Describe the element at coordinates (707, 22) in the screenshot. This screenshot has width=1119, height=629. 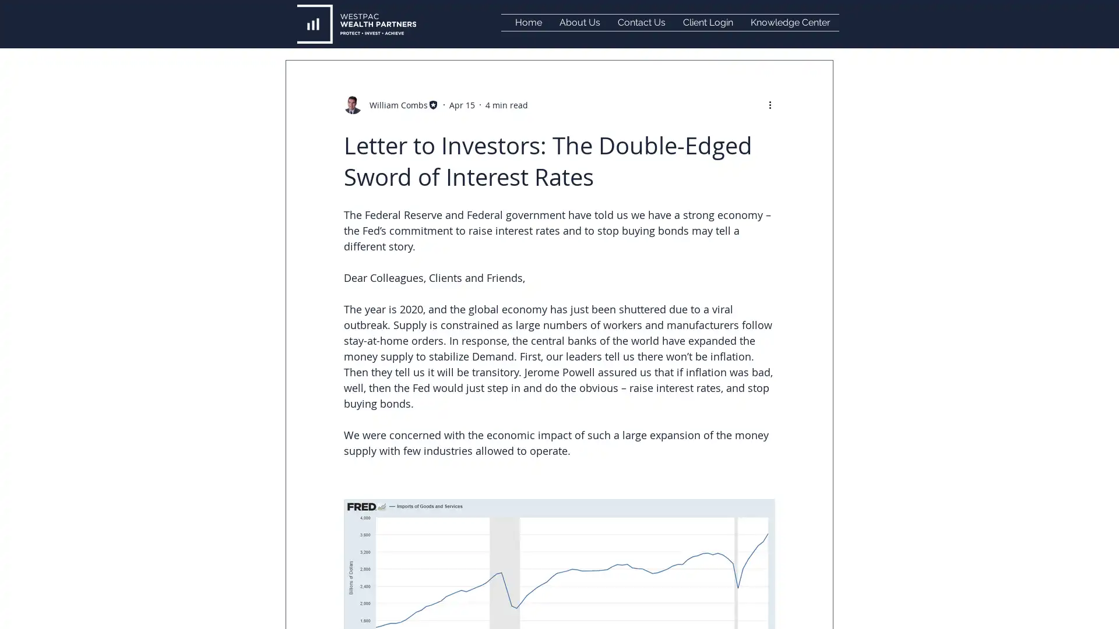
I see `Client Login` at that location.